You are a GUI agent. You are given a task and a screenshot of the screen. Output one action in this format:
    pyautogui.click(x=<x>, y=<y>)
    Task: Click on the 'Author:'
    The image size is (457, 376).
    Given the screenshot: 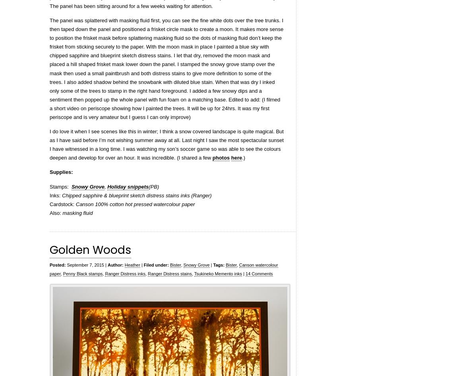 What is the action you would take?
    pyautogui.click(x=115, y=264)
    